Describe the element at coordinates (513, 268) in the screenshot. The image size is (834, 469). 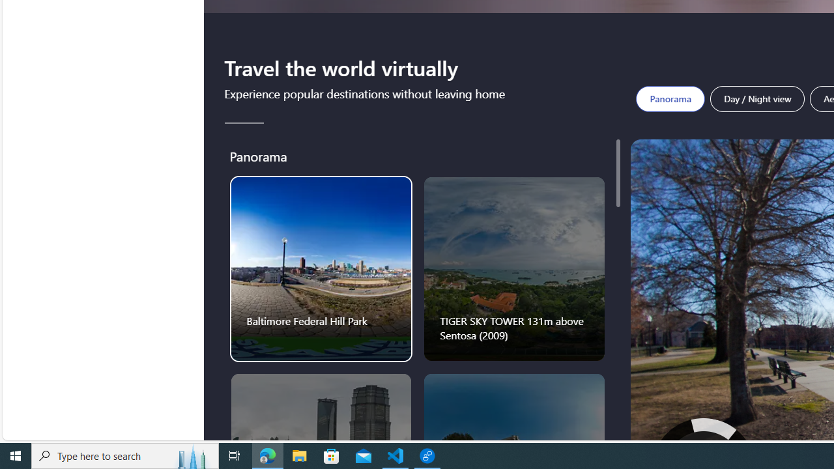
I see `'TIGER SKY TOWER 131m above Sentosa (2009)'` at that location.